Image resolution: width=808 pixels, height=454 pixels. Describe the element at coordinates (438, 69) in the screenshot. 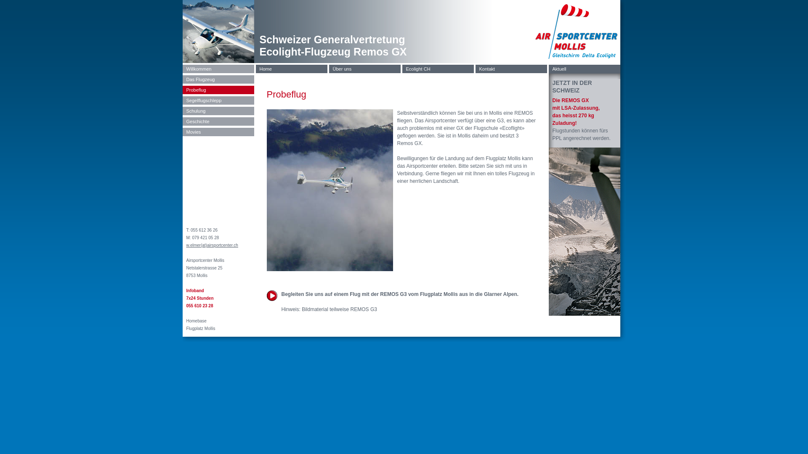

I see `'Ecolight CH'` at that location.